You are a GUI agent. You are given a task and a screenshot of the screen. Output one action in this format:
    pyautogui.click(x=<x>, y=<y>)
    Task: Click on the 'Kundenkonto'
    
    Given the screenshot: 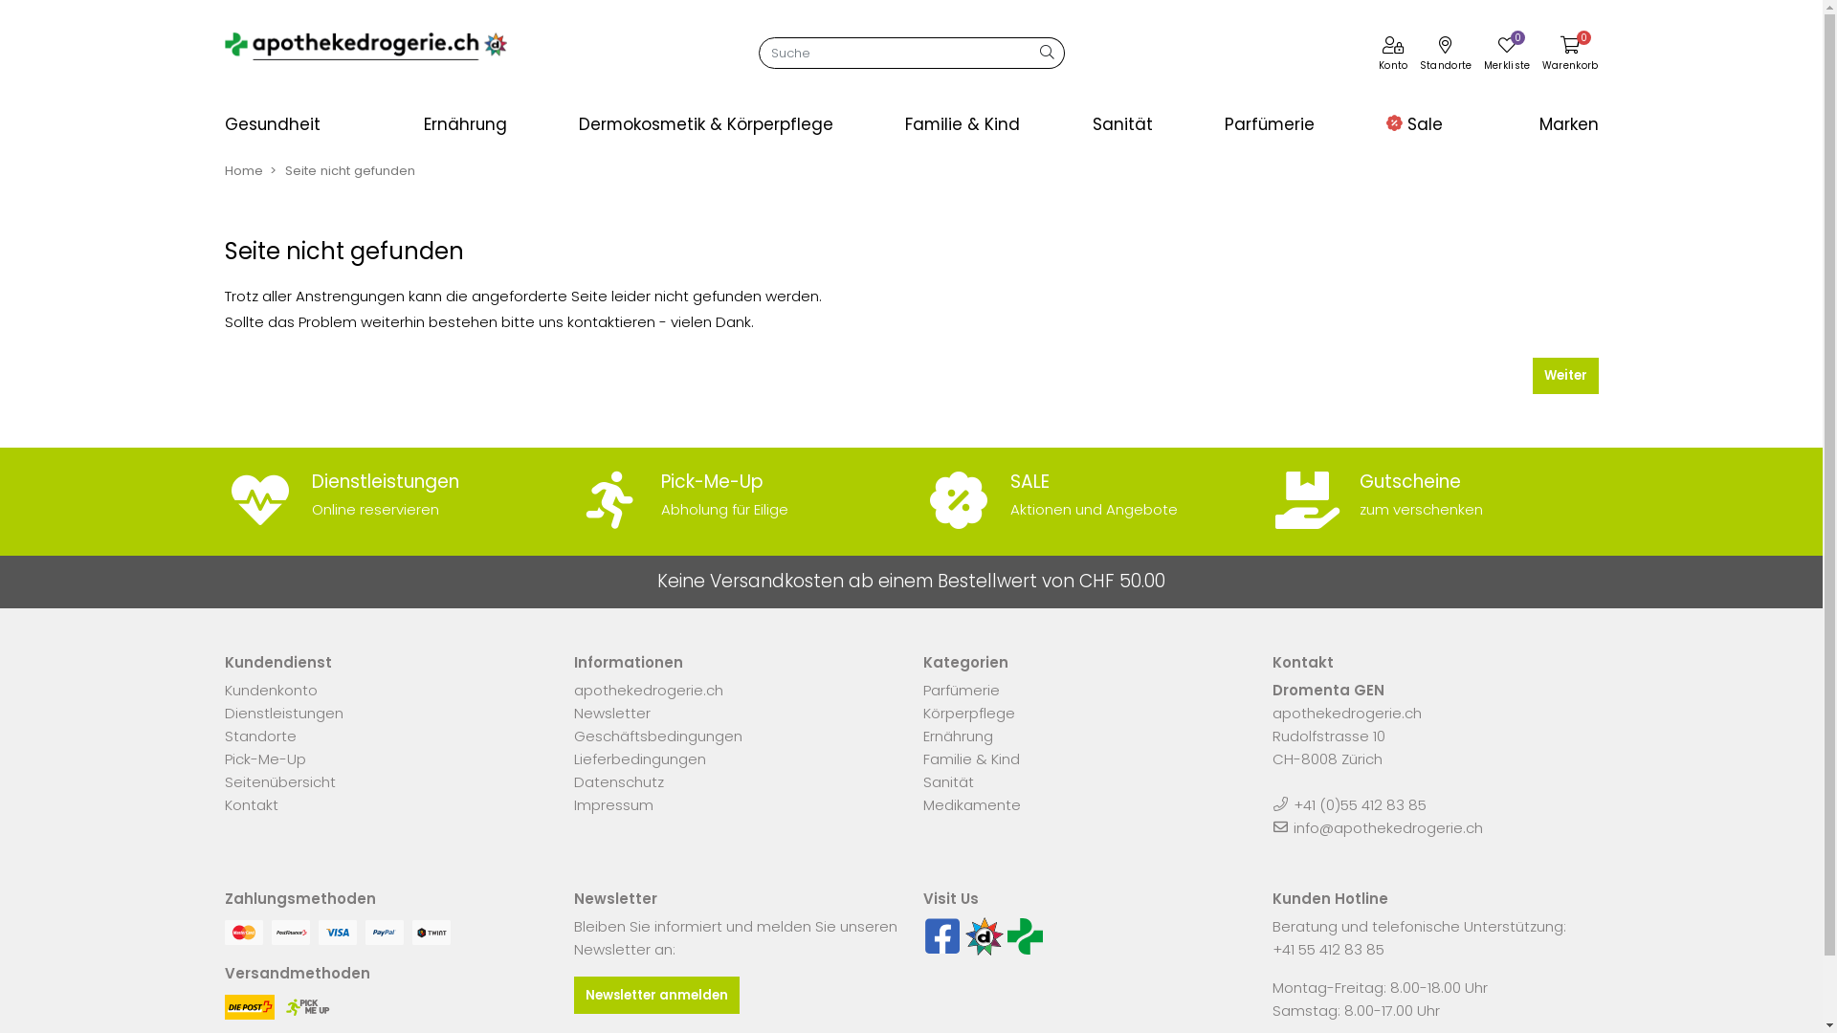 What is the action you would take?
    pyautogui.click(x=269, y=690)
    